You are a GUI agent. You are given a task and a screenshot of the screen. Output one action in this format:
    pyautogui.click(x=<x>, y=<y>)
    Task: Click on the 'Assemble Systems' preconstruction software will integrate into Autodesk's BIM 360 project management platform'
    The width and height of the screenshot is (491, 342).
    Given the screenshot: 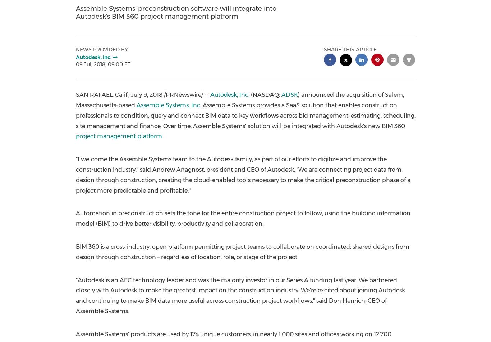 What is the action you would take?
    pyautogui.click(x=176, y=12)
    